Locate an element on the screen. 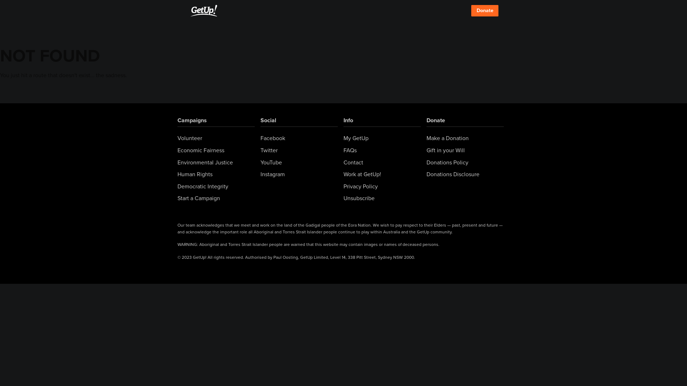 The image size is (687, 386). 'Privacy Policy' is located at coordinates (343, 186).